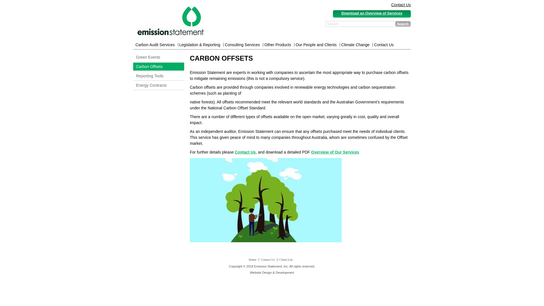 The height and width of the screenshot is (306, 544). What do you see at coordinates (402, 24) in the screenshot?
I see `'Search'` at bounding box center [402, 24].